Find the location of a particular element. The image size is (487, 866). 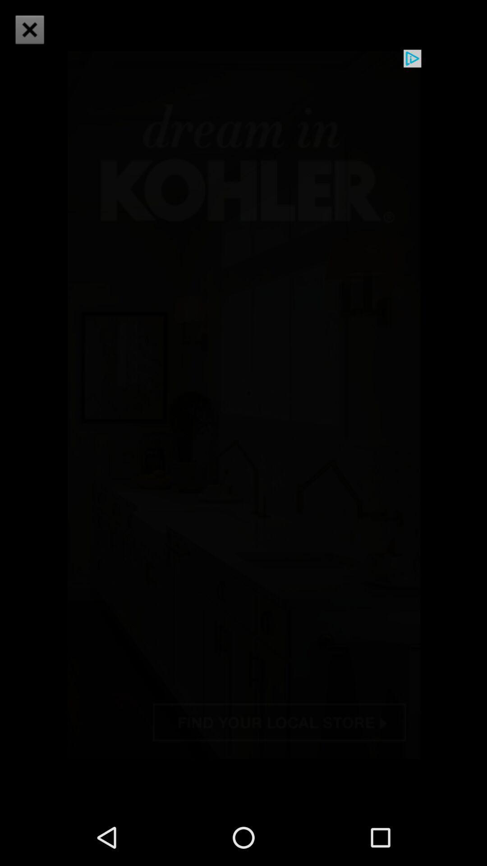

the close icon is located at coordinates (29, 32).